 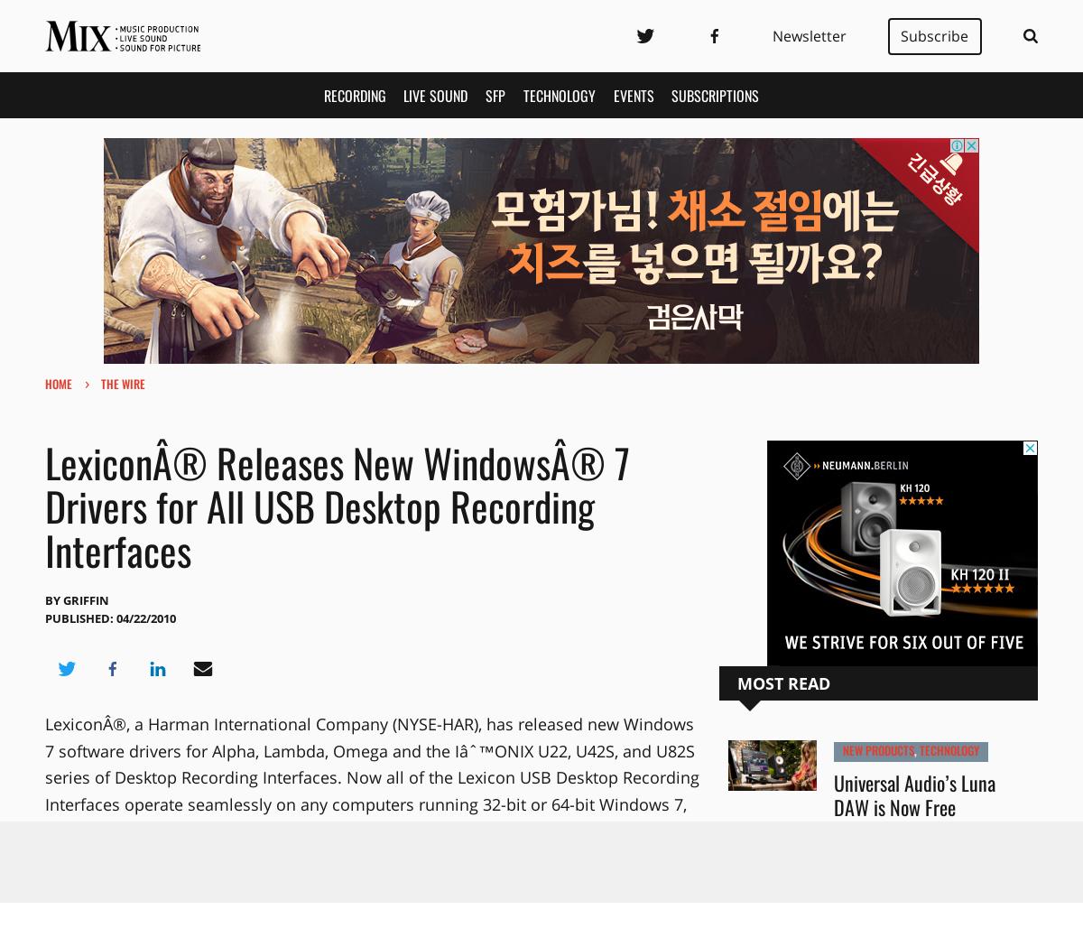 What do you see at coordinates (123, 382) in the screenshot?
I see `'The Wire'` at bounding box center [123, 382].